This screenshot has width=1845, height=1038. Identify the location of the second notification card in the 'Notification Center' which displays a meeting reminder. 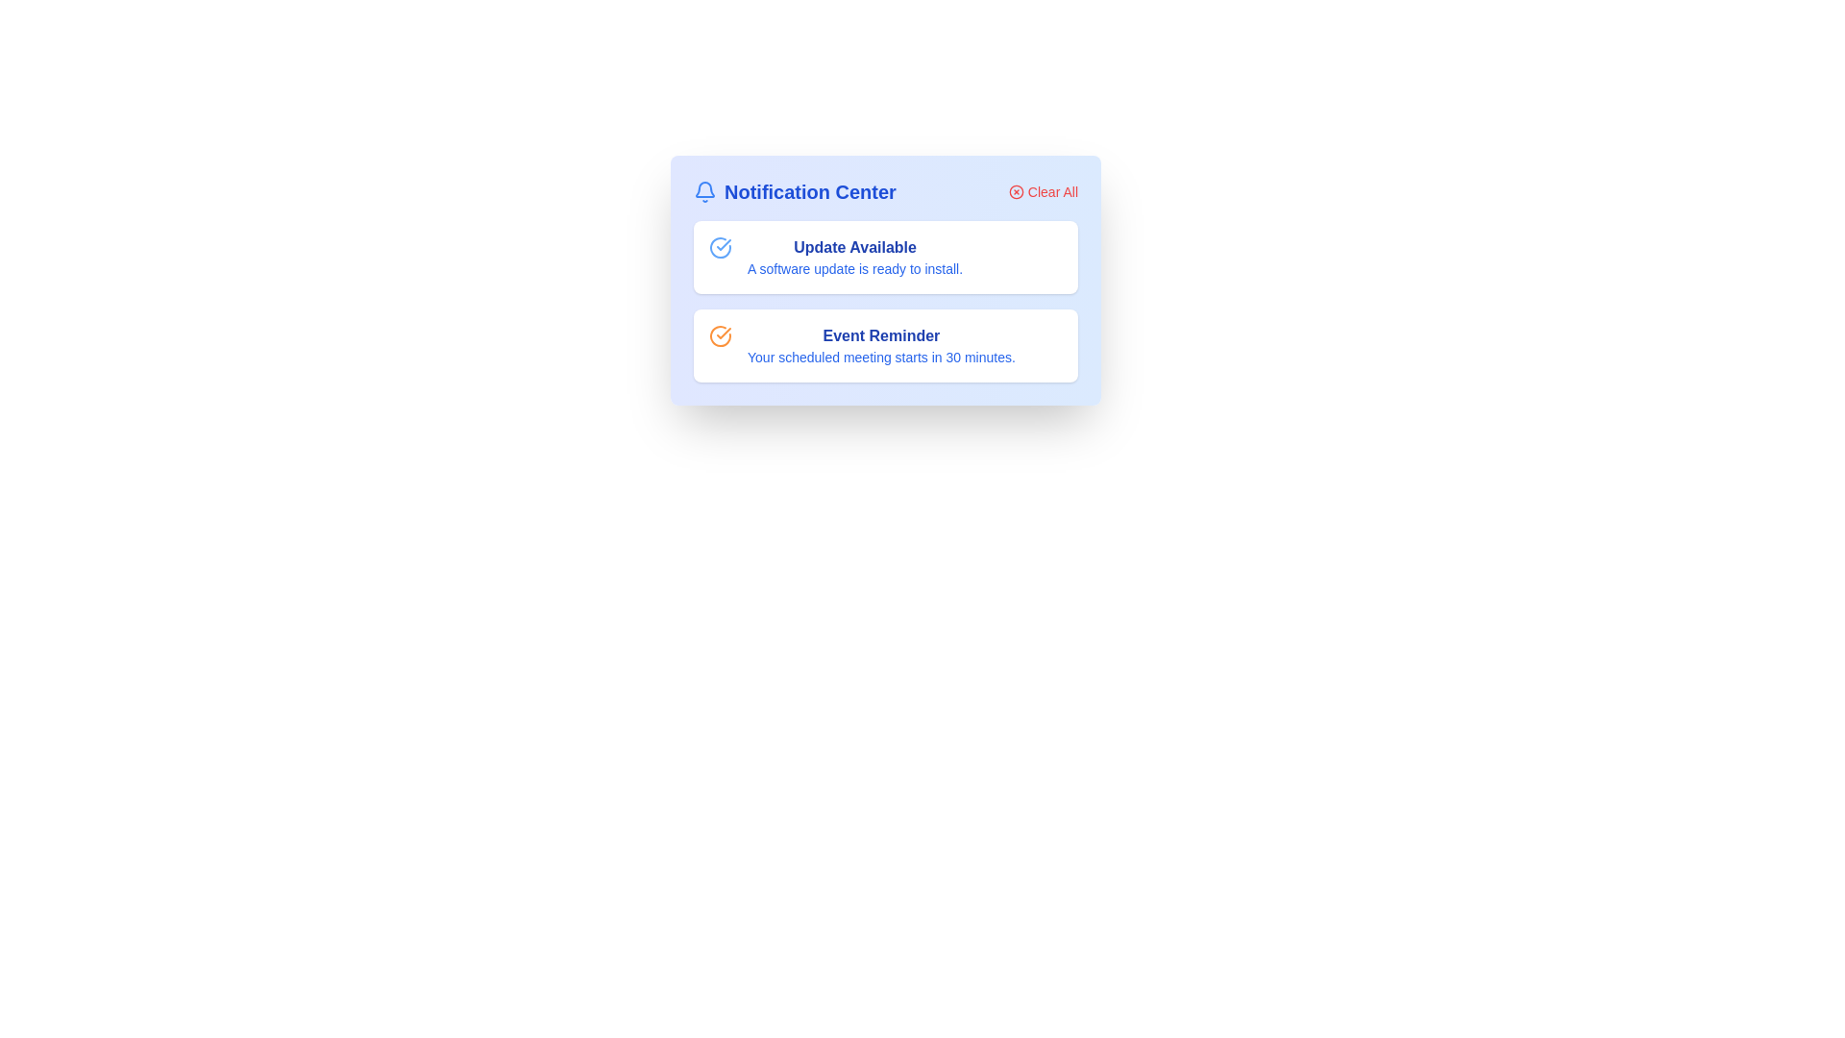
(884, 344).